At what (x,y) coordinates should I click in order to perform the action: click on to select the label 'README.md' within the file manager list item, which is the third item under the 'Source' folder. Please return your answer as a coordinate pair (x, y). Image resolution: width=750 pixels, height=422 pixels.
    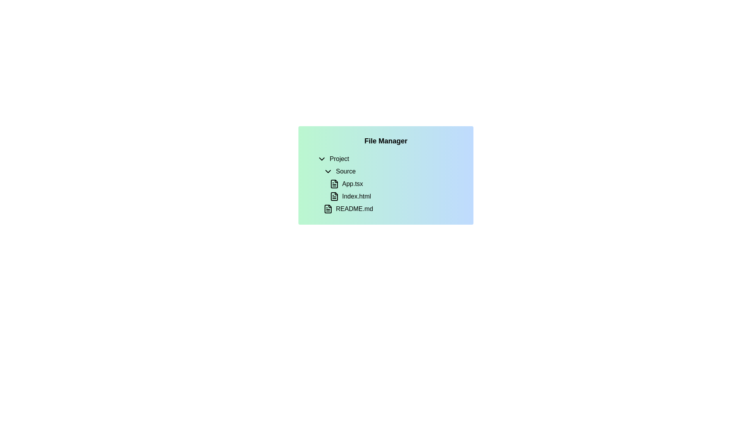
    Looking at the image, I should click on (354, 209).